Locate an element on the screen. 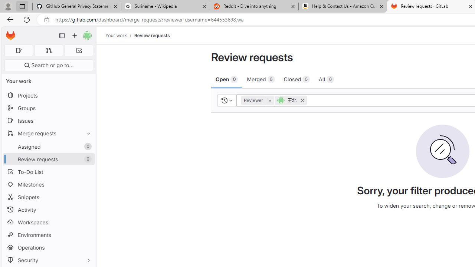  'GitHub General Privacy Statement - GitHub Docs' is located at coordinates (77, 6).